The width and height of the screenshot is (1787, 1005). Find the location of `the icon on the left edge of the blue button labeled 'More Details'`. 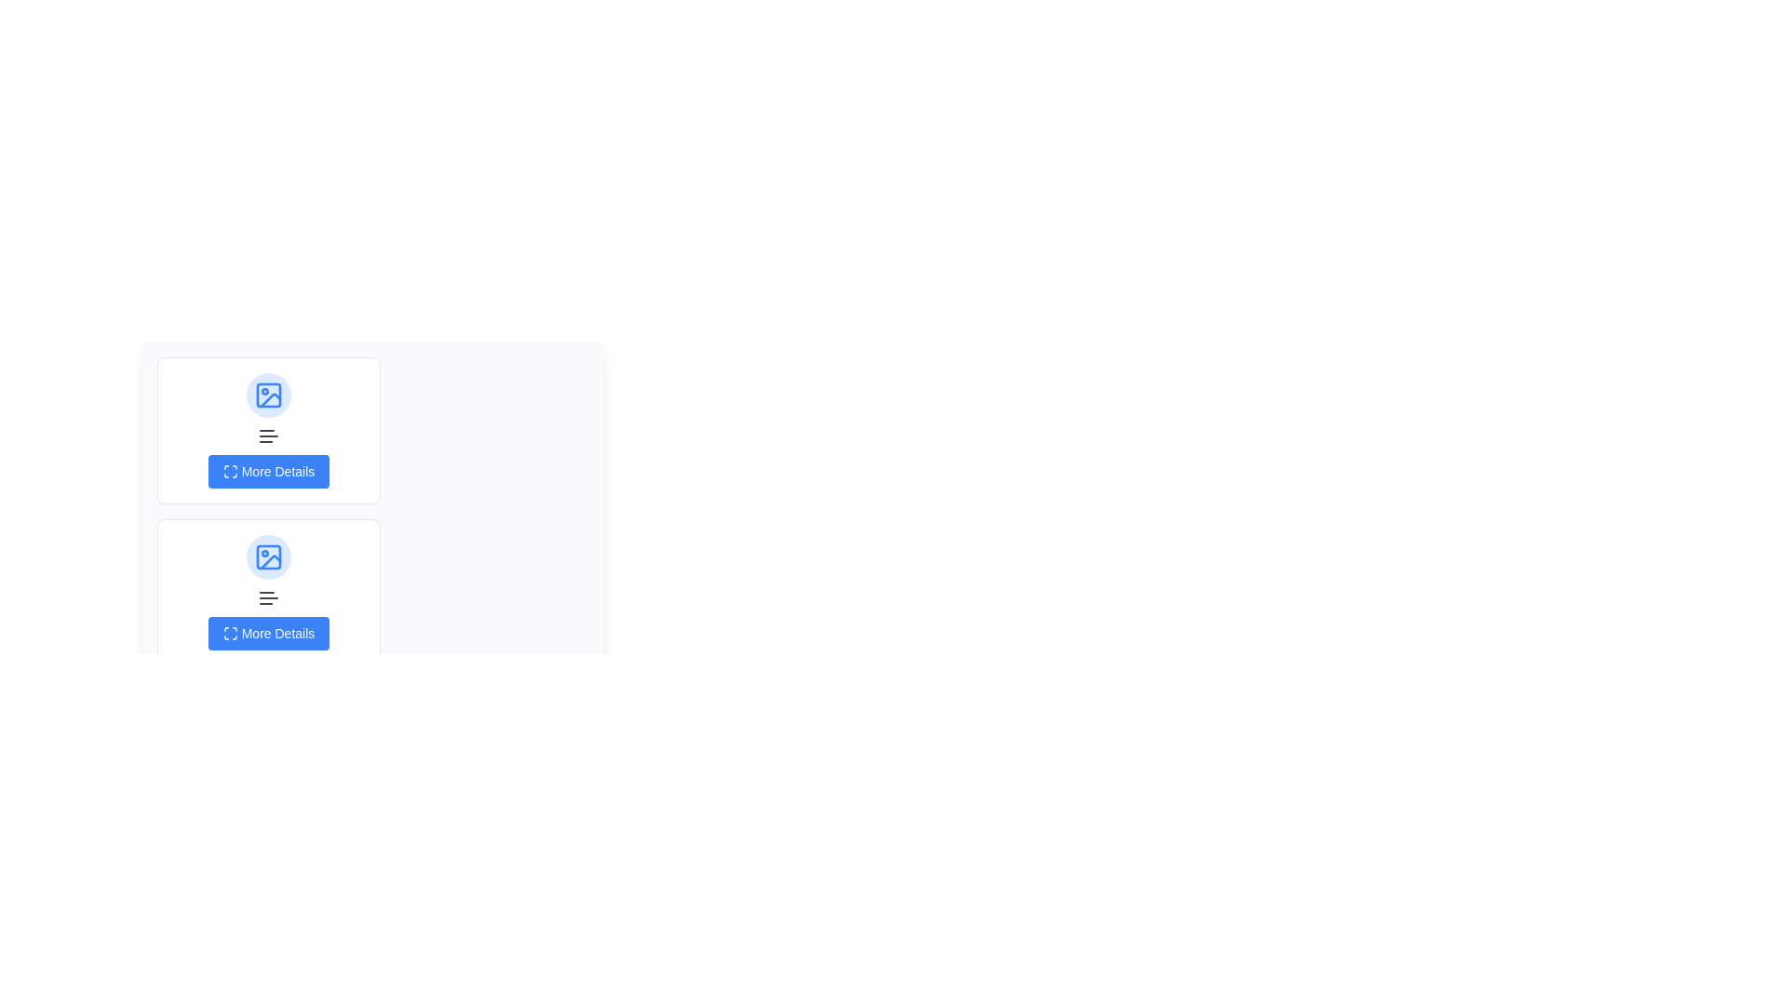

the icon on the left edge of the blue button labeled 'More Details' is located at coordinates (229, 633).